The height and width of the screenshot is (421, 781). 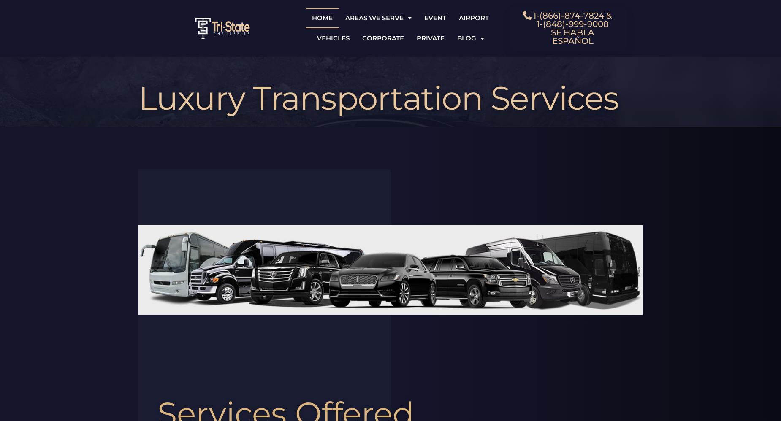 What do you see at coordinates (382, 38) in the screenshot?
I see `'Corporate'` at bounding box center [382, 38].